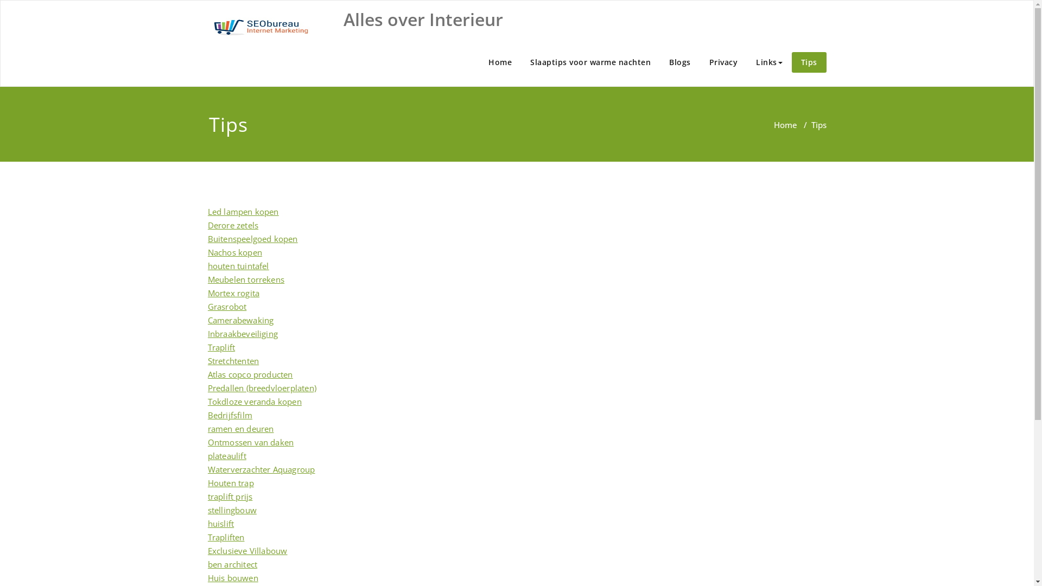 The width and height of the screenshot is (1042, 586). What do you see at coordinates (249, 374) in the screenshot?
I see `'Atlas copco producten'` at bounding box center [249, 374].